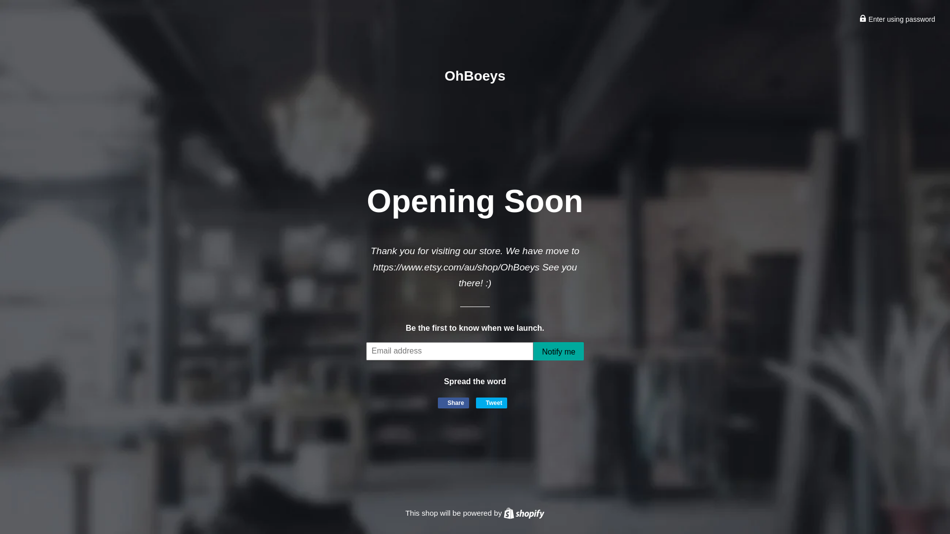  I want to click on 'Notify me', so click(558, 351).